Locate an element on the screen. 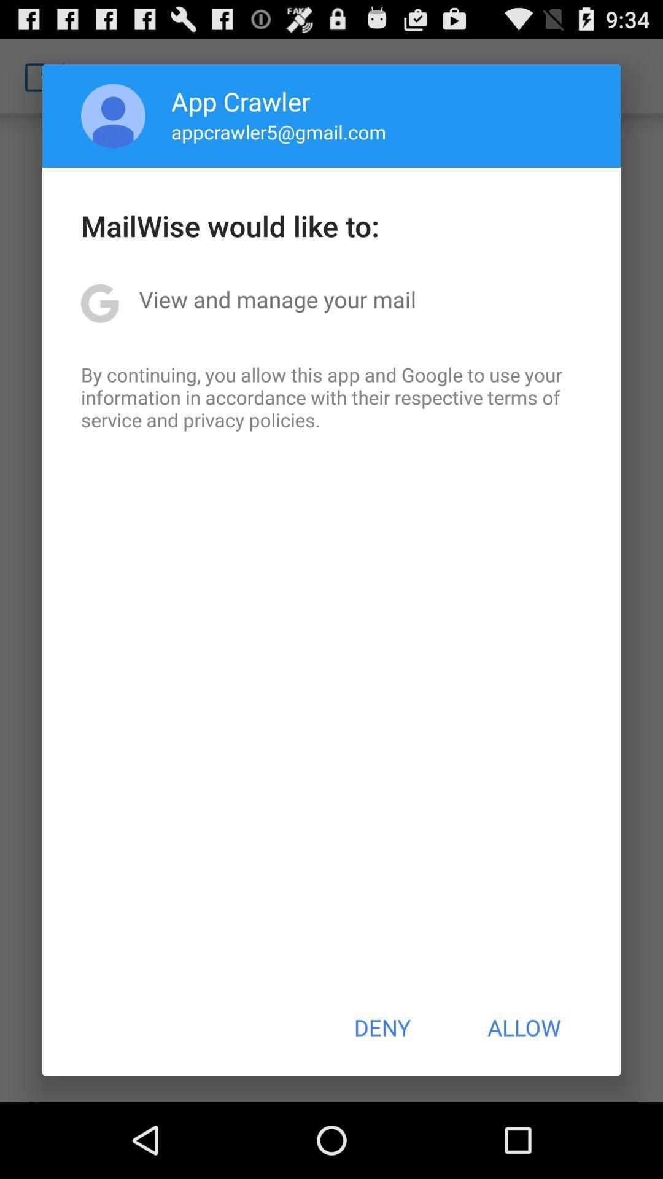 The width and height of the screenshot is (663, 1179). the icon to the left of the allow item is located at coordinates (381, 1027).